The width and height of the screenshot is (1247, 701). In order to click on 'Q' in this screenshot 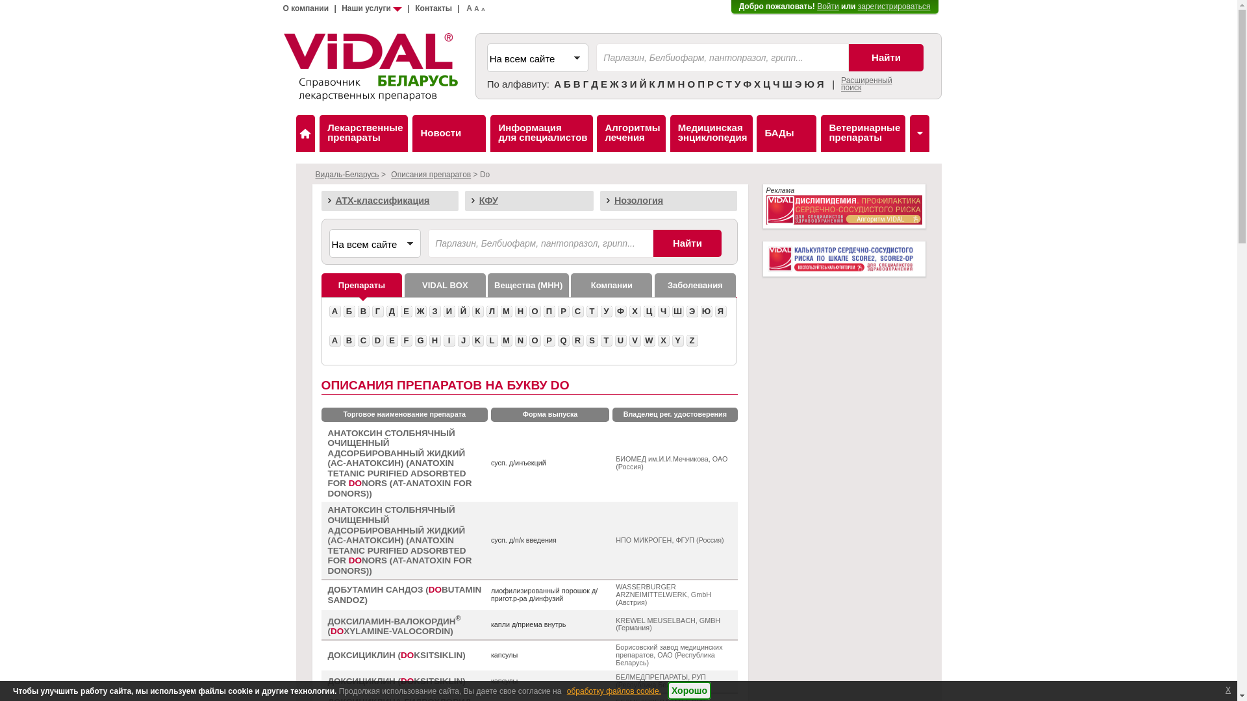, I will do `click(563, 339)`.